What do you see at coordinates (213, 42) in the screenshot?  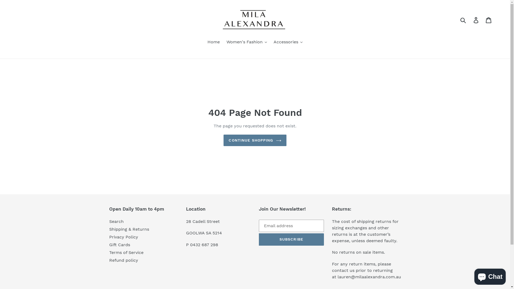 I see `'Home'` at bounding box center [213, 42].